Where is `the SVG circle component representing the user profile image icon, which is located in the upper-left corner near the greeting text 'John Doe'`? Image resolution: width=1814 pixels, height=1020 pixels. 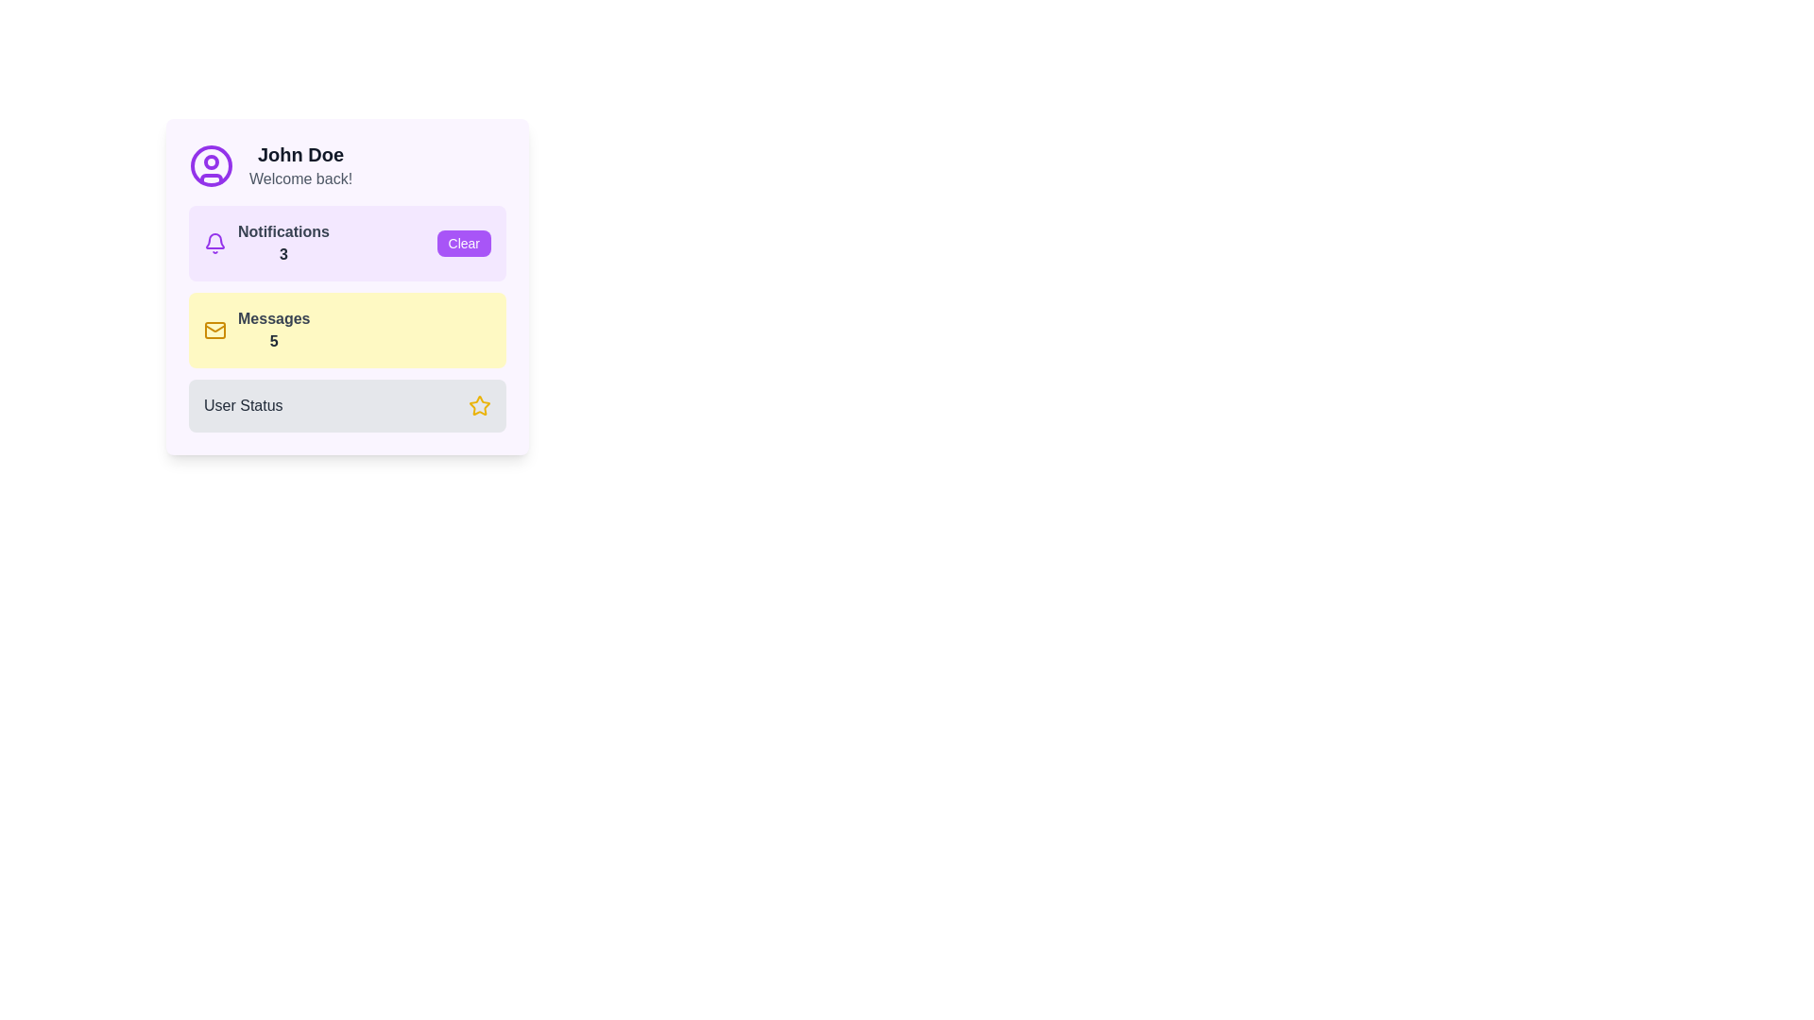 the SVG circle component representing the user profile image icon, which is located in the upper-left corner near the greeting text 'John Doe' is located at coordinates (212, 165).